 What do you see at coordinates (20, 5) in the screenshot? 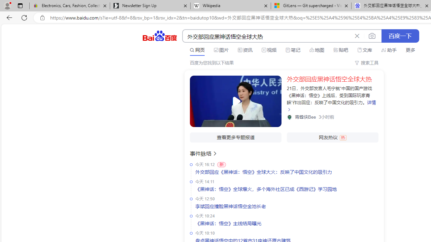
I see `'Tab actions menu'` at bounding box center [20, 5].